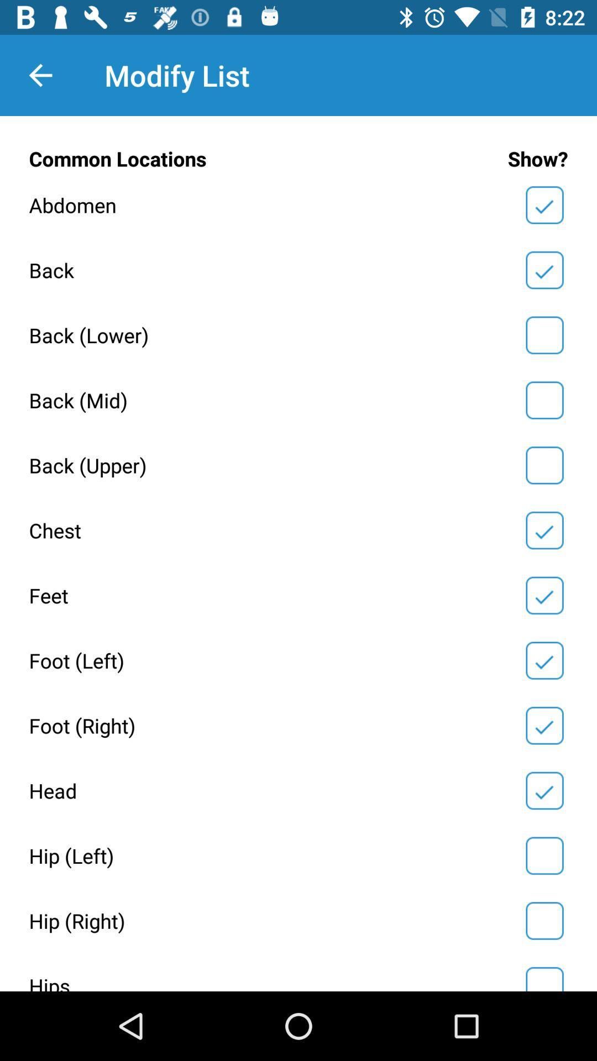 The image size is (597, 1061). I want to click on set location, so click(544, 400).